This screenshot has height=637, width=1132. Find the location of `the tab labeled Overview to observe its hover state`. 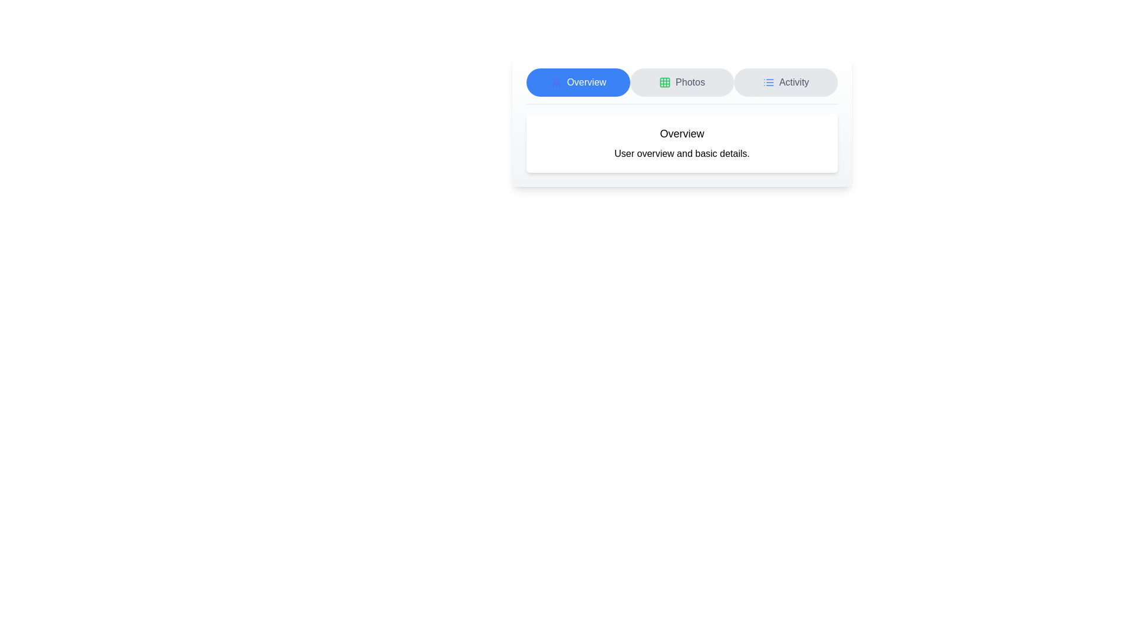

the tab labeled Overview to observe its hover state is located at coordinates (578, 81).